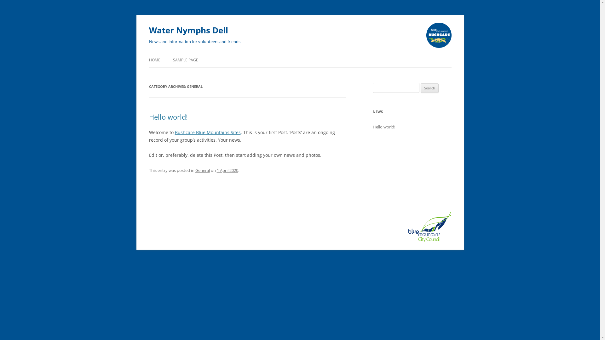 The width and height of the screenshot is (605, 340). Describe the element at coordinates (203, 170) in the screenshot. I see `'General'` at that location.